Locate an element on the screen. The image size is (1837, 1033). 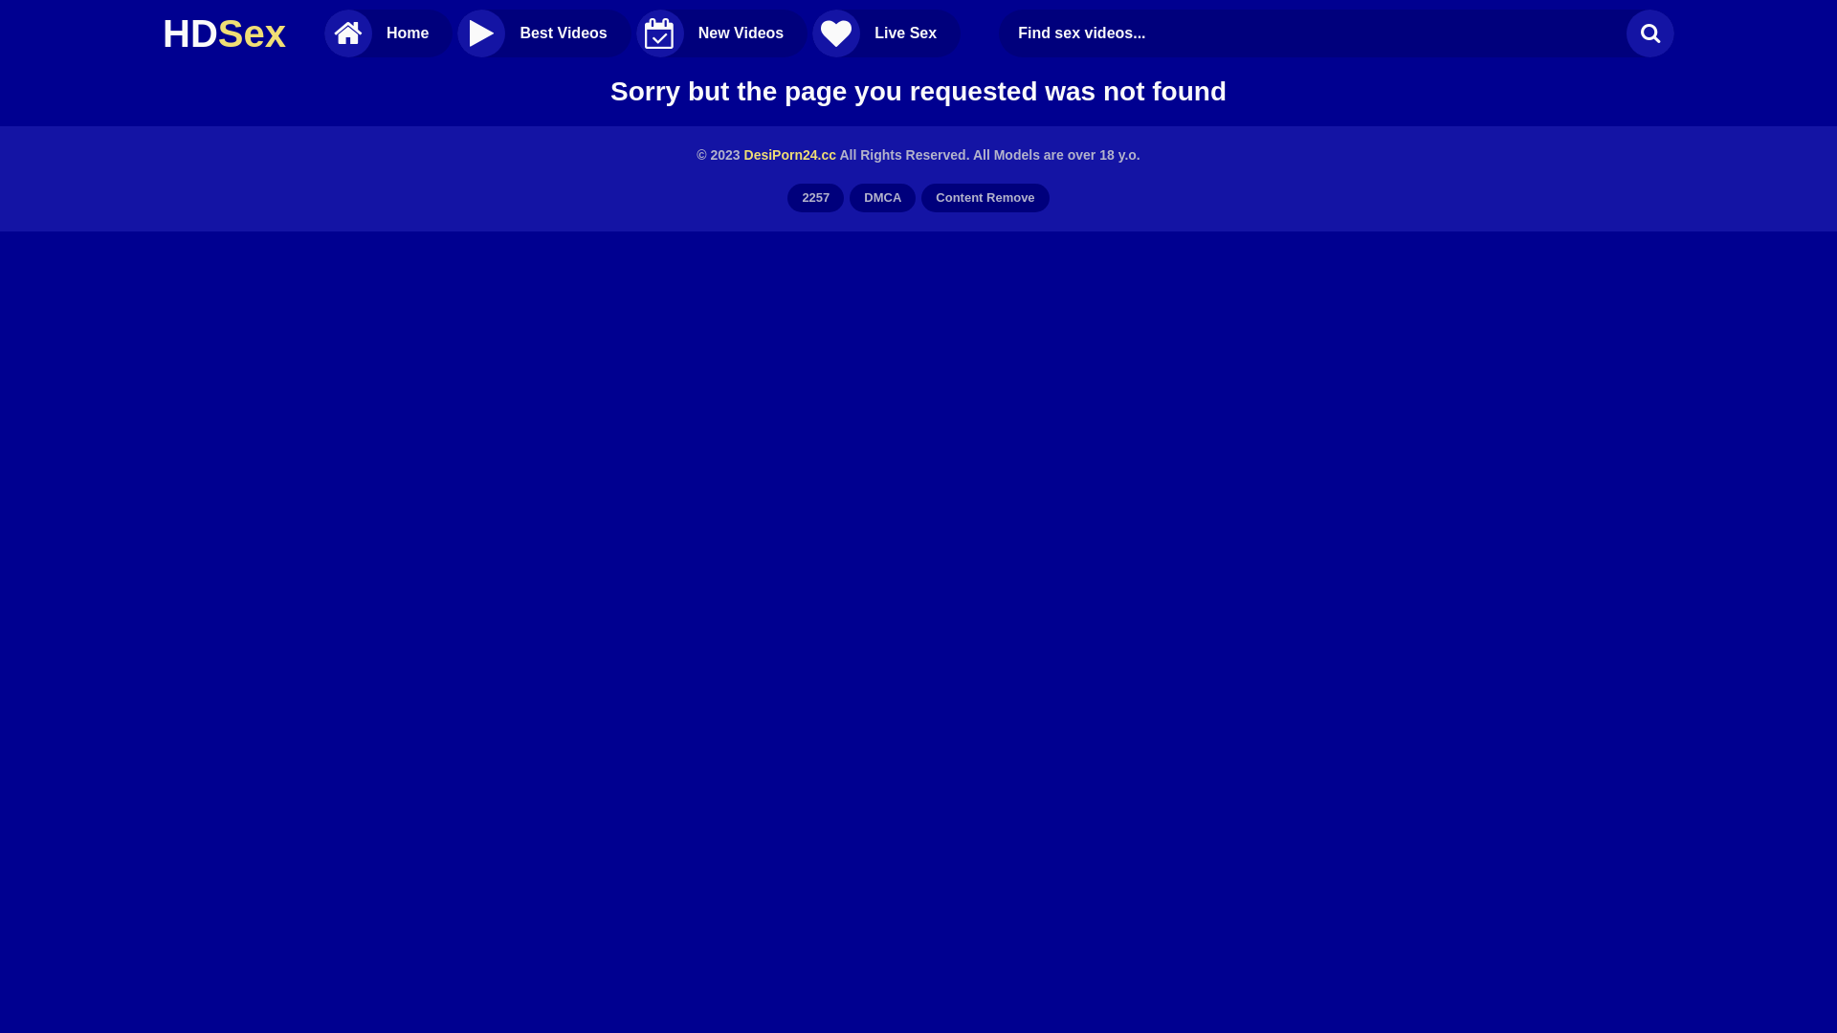
'Live Sex' is located at coordinates (885, 33).